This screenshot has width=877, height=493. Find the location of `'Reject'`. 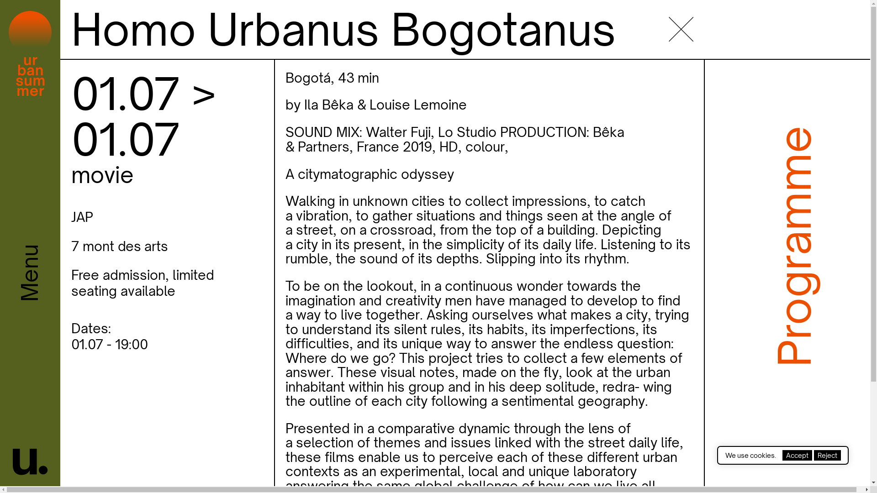

'Reject' is located at coordinates (827, 455).